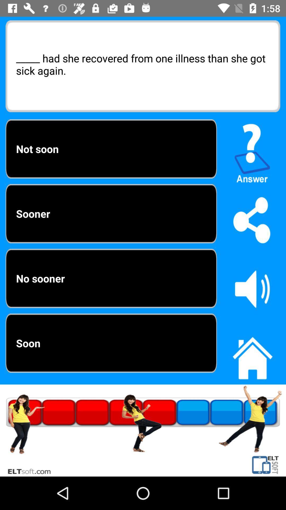  I want to click on share page, so click(252, 220).